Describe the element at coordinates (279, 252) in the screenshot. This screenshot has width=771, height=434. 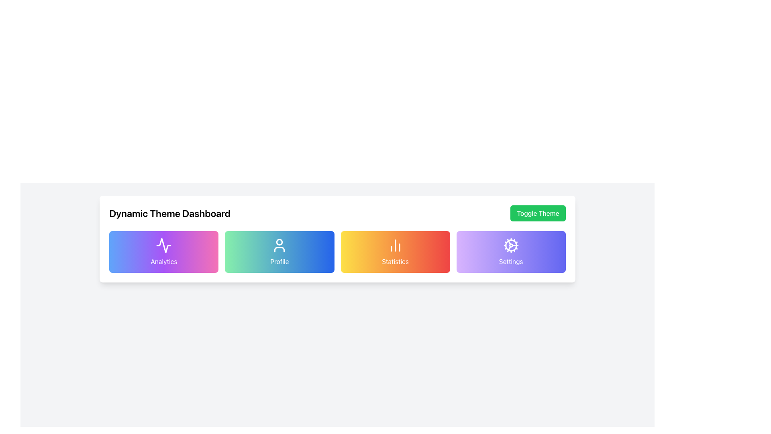
I see `the 'Profile' button, which is a rectangular panel with a gradient background transitioning from green to blue, containing a user icon and the text 'Profile'` at that location.